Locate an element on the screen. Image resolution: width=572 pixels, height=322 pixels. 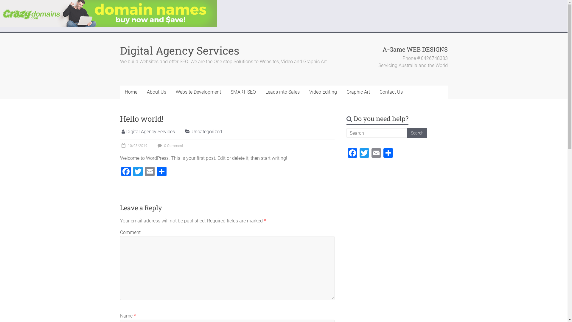
'Home' is located at coordinates (130, 92).